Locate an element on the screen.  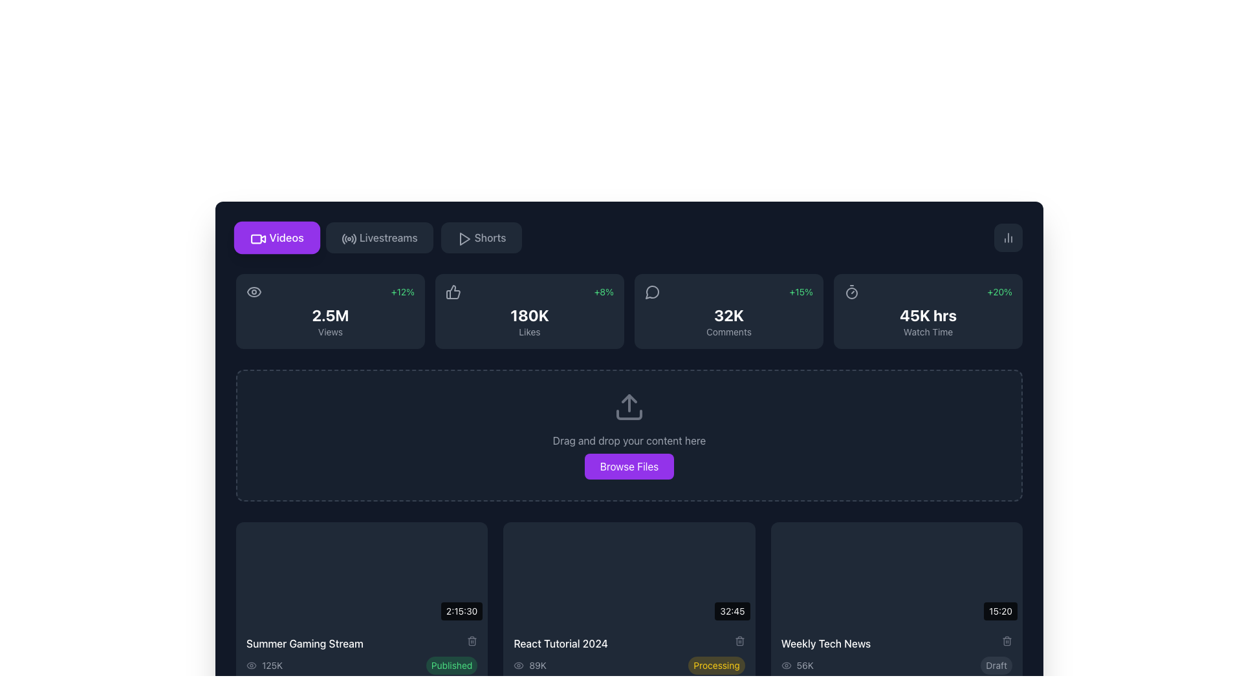
the text display showing '180K' in bold, white font, positioned at the top of the 'Likes' box with a thumb-up icon is located at coordinates (530, 315).